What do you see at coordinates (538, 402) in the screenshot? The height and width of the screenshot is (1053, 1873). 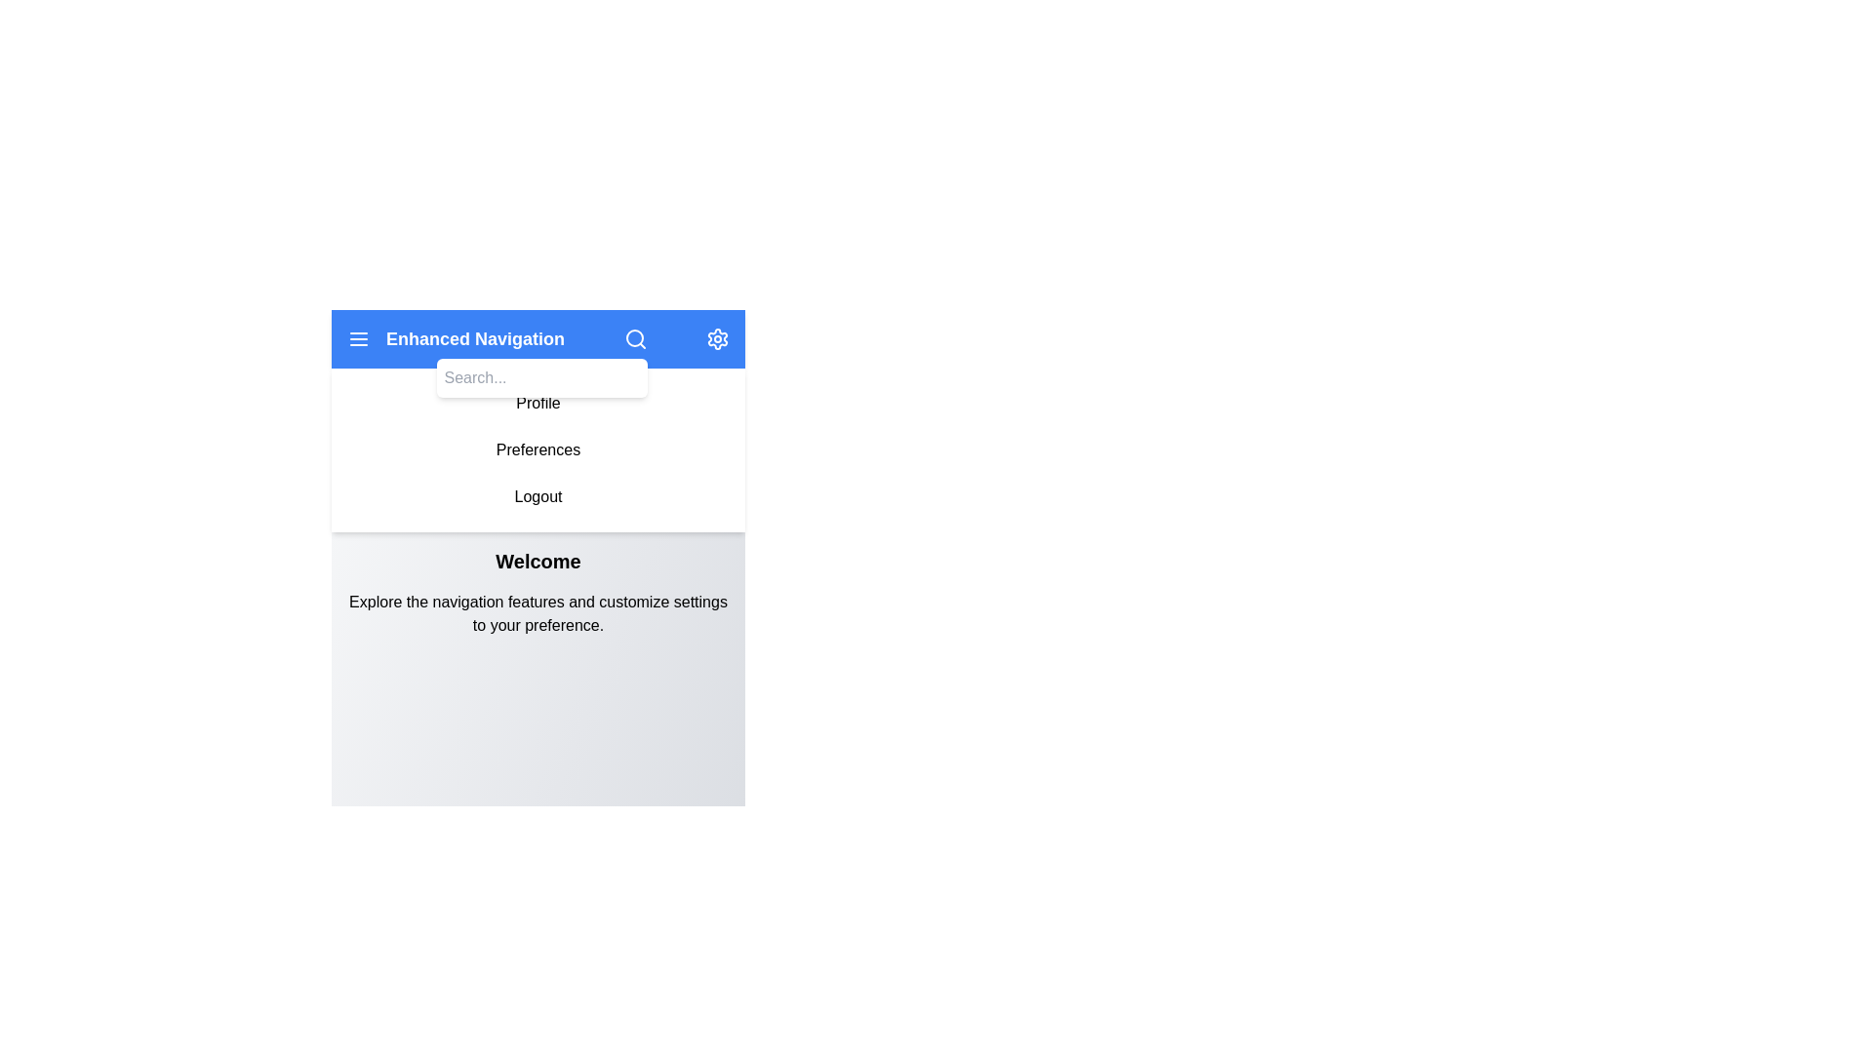 I see `the navigation option Profile from the menu` at bounding box center [538, 402].